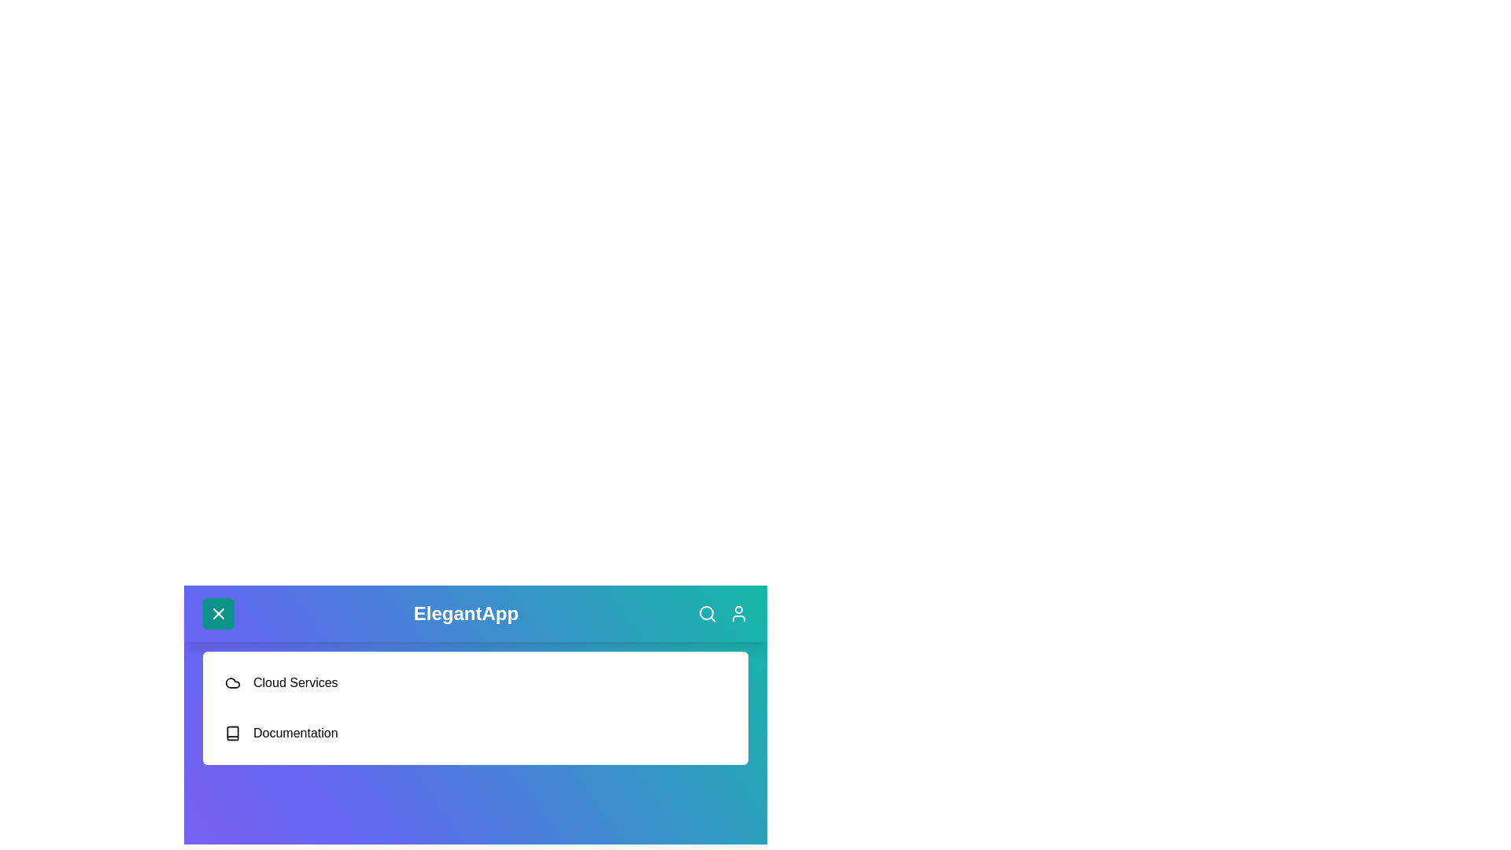 The height and width of the screenshot is (850, 1511). I want to click on the user icon to access the user profile, so click(738, 612).